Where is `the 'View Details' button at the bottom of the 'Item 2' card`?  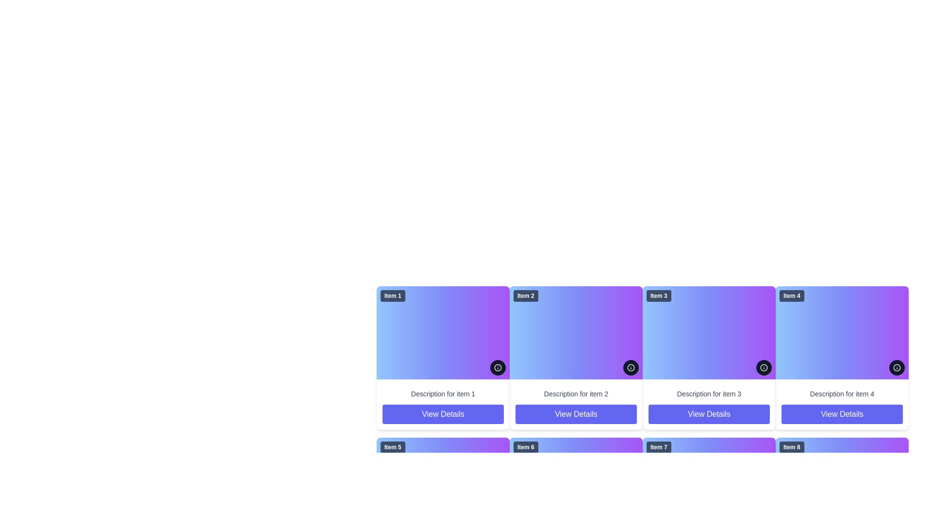
the 'View Details' button at the bottom of the 'Item 2' card is located at coordinates (576, 414).